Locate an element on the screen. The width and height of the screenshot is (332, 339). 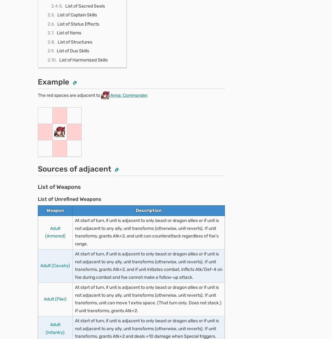
'Infantry Breath 1' is located at coordinates (66, 58).